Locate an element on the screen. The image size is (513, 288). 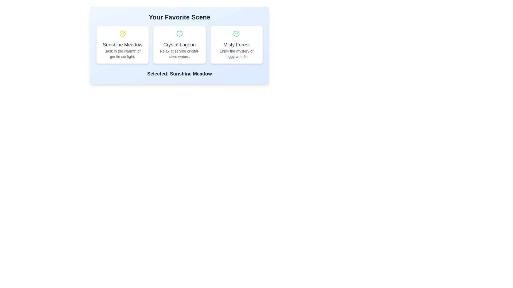
the text 'Sunshine Meadow', which is styled in medium-sized bold dark gray font, located in the first card of the 'Your Favorite Scene' section is located at coordinates (122, 45).